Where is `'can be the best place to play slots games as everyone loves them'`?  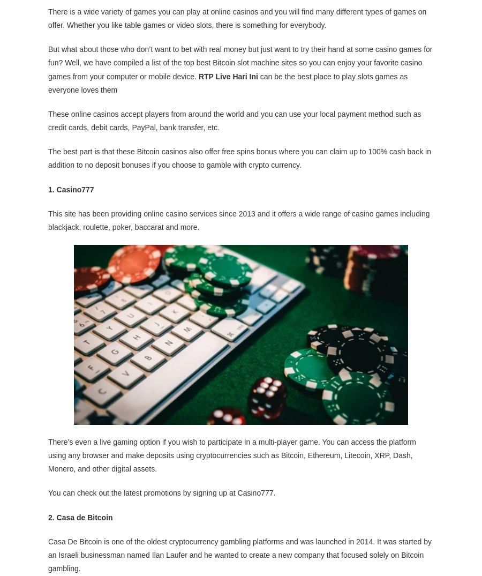
'can be the best place to play slots games as everyone loves them' is located at coordinates (228, 83).